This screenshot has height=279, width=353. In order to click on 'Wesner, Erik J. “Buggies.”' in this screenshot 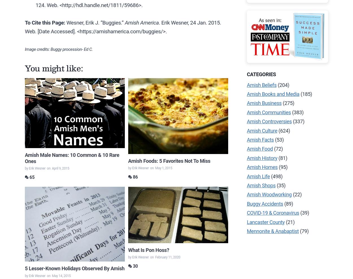, I will do `click(94, 23)`.